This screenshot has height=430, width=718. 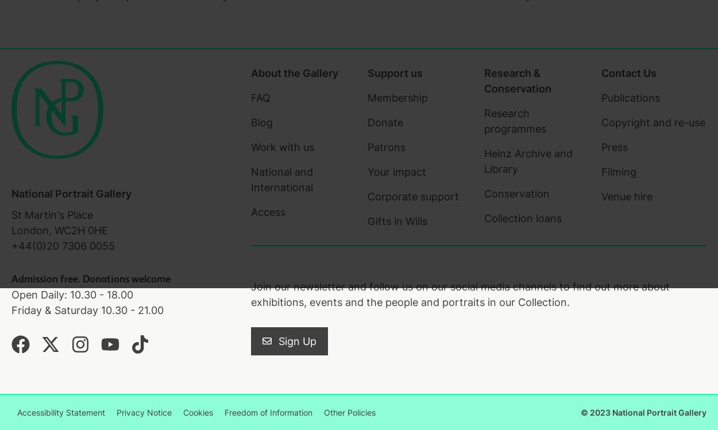 I want to click on 'Friday & Saturday 10.30 - 21.00', so click(x=87, y=309).